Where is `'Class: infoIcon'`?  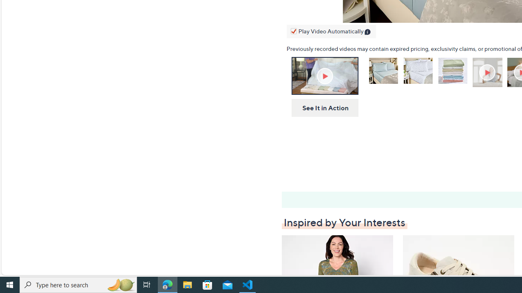
'Class: infoIcon' is located at coordinates (368, 32).